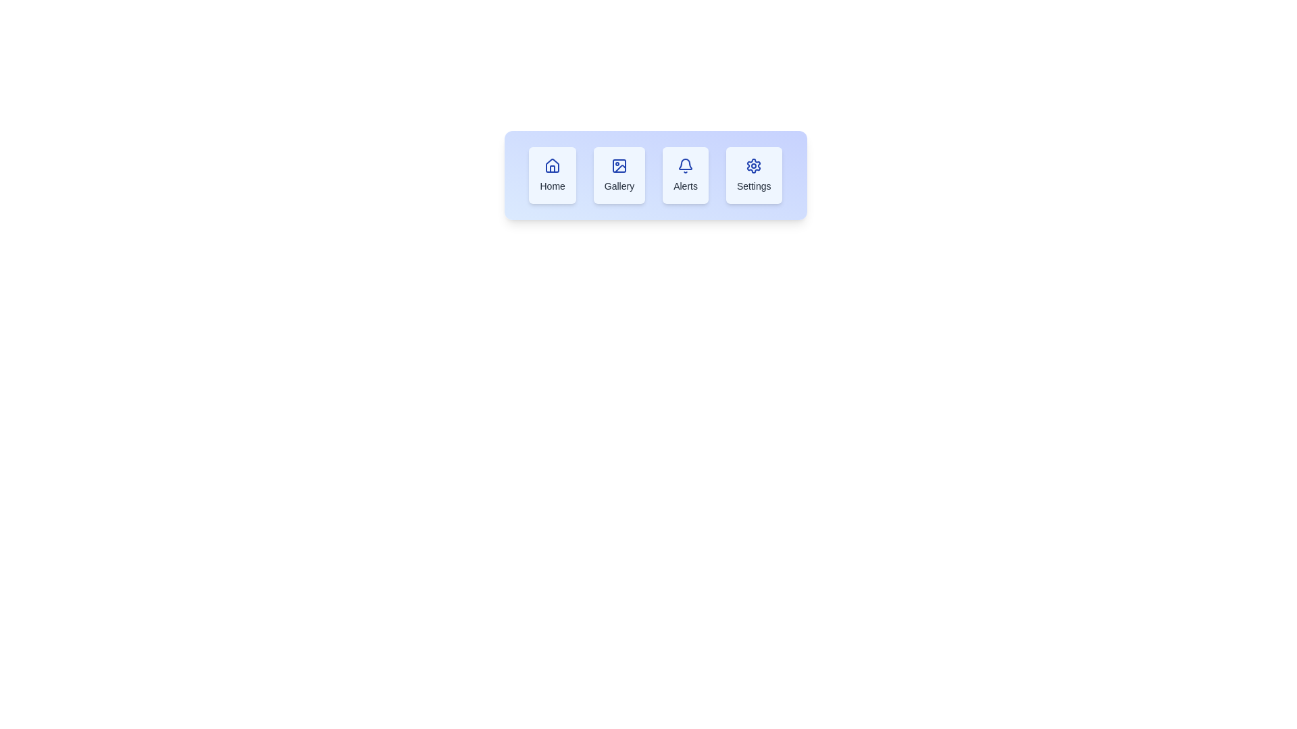 Image resolution: width=1297 pixels, height=729 pixels. I want to click on the third section of the navigation bar labeled 'Alerts', so click(655, 174).